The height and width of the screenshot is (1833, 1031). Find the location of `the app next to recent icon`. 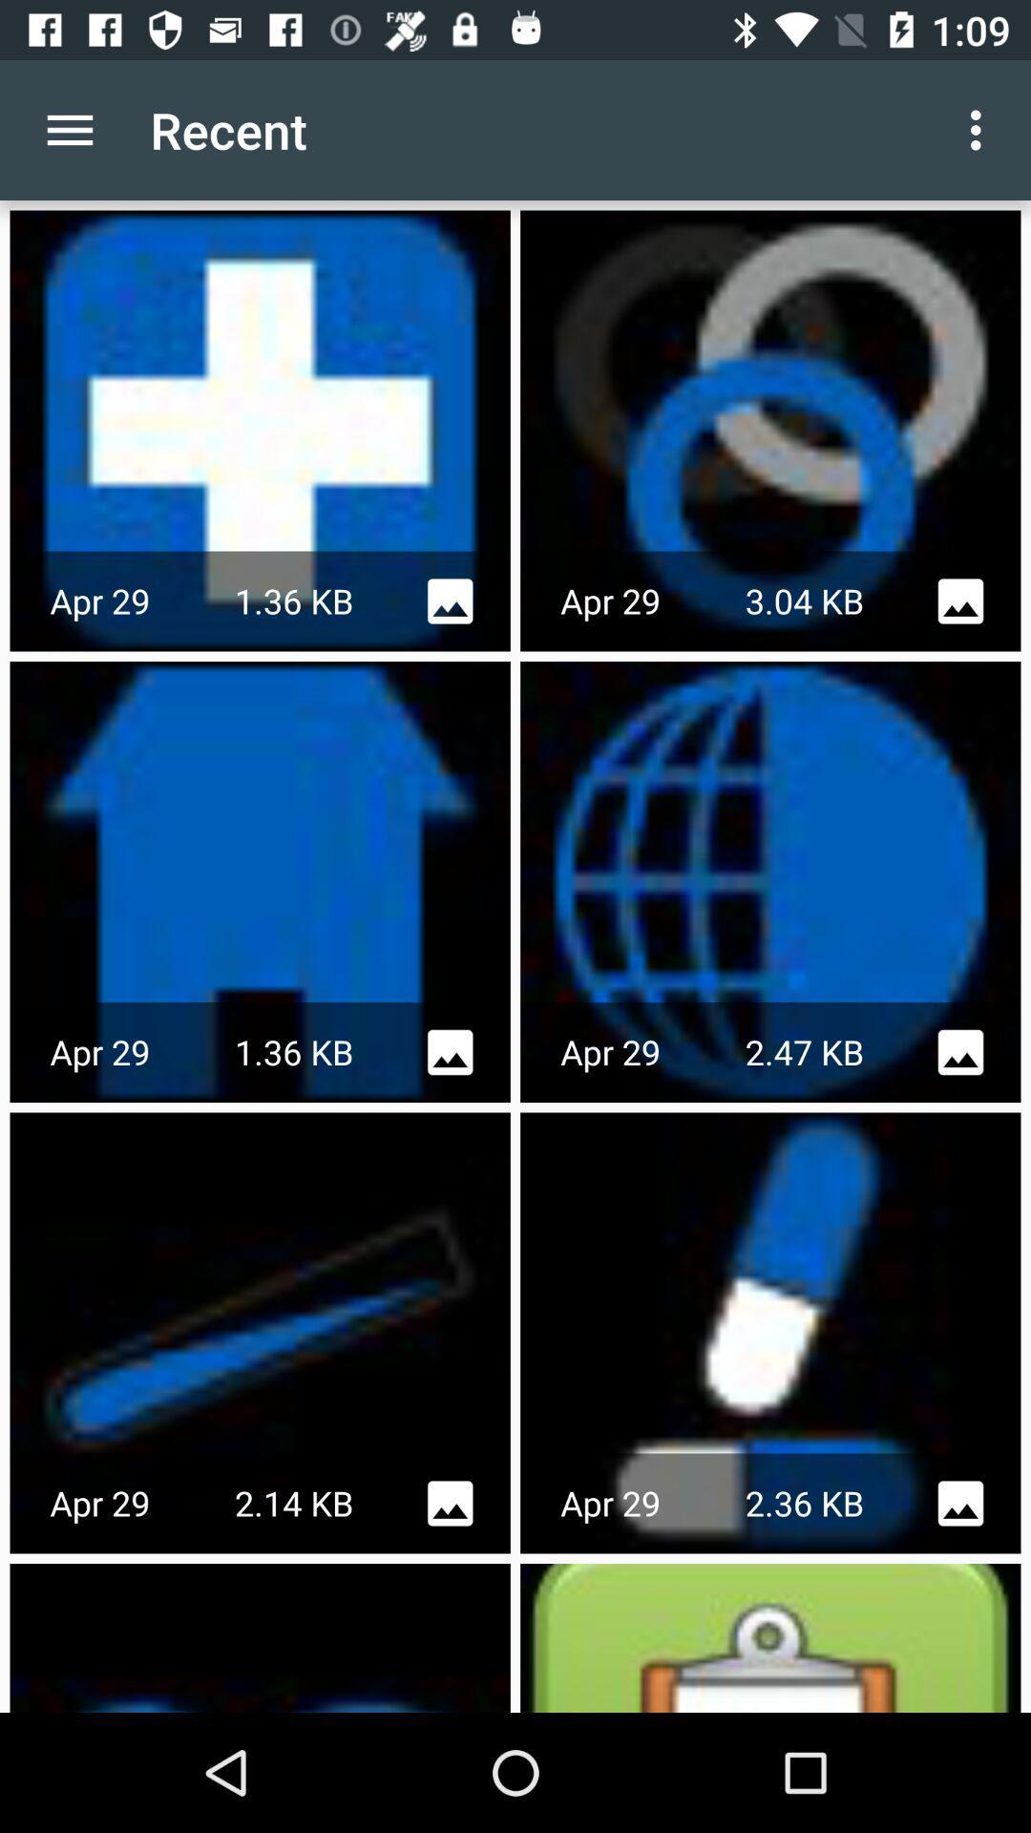

the app next to recent icon is located at coordinates (980, 129).